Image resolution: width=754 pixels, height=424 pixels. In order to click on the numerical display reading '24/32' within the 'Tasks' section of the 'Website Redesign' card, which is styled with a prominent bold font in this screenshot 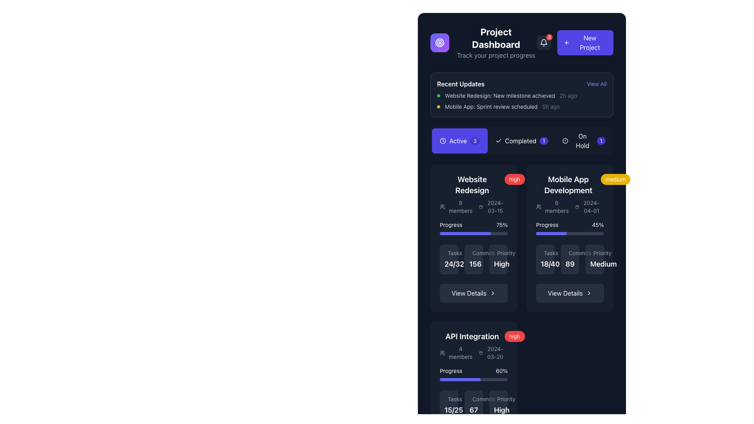, I will do `click(454, 264)`.